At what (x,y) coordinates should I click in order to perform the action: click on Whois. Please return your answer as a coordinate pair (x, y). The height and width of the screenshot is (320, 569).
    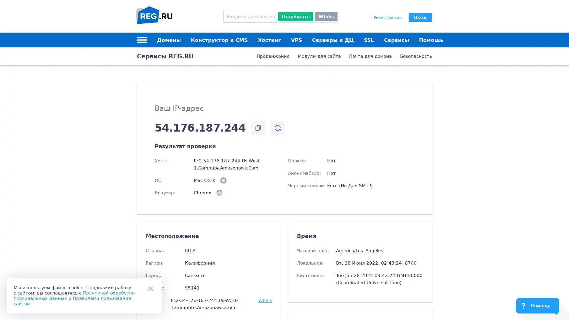
    Looking at the image, I should click on (326, 16).